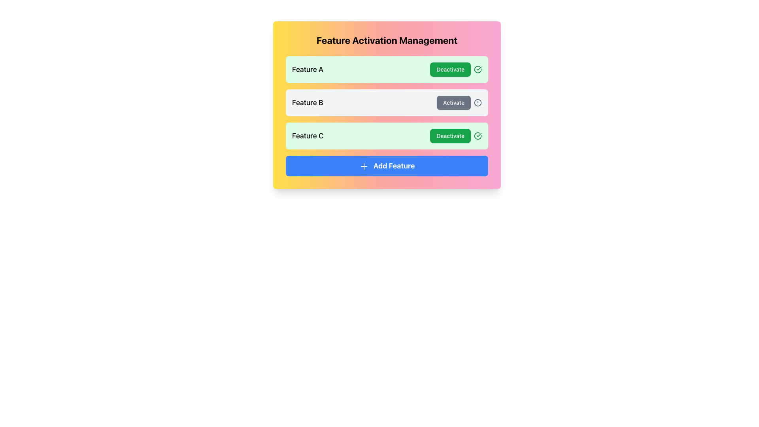 The height and width of the screenshot is (427, 759). Describe the element at coordinates (478, 69) in the screenshot. I see `the Indicator icon with a green border and checkmark, located to the right of the 'Deactivate' button for 'Feature C'` at that location.